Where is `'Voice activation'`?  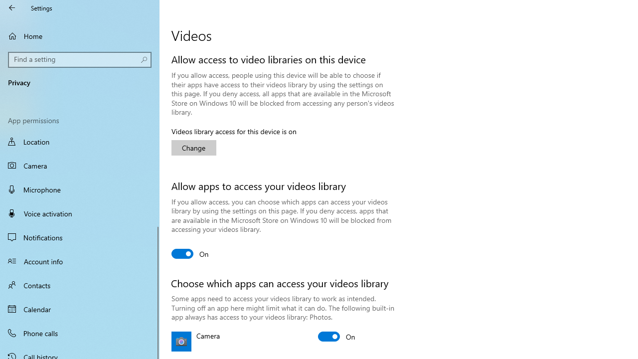
'Voice activation' is located at coordinates (80, 213).